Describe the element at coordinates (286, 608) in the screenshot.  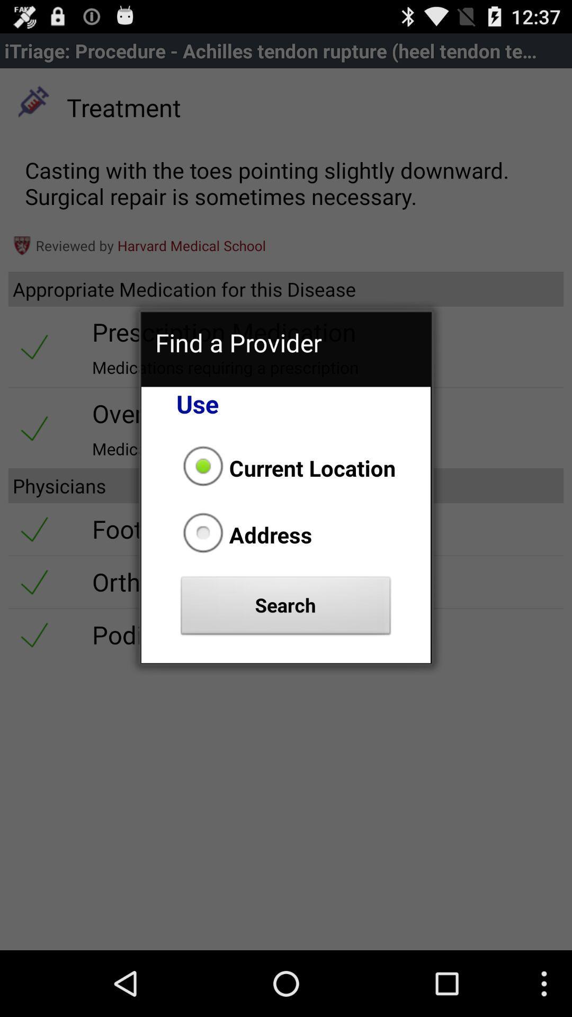
I see `the search button` at that location.